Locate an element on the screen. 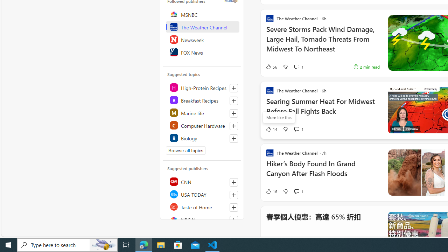  '16 Like' is located at coordinates (271, 191).